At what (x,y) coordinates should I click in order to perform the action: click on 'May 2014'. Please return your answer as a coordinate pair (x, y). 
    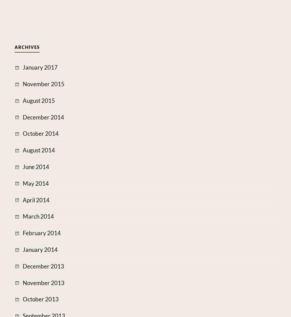
    Looking at the image, I should click on (22, 183).